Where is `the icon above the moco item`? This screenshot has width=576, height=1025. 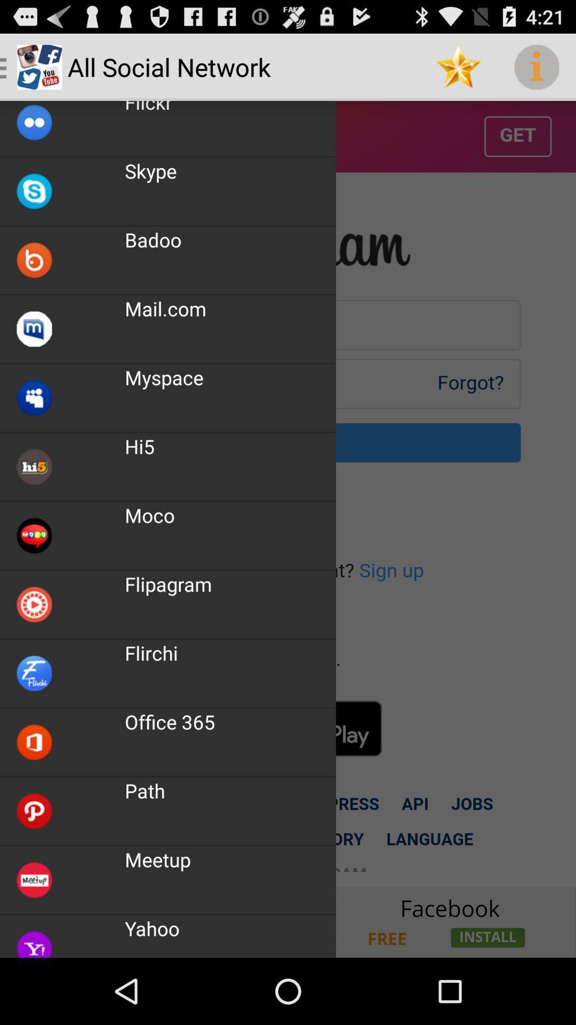 the icon above the moco item is located at coordinates (139, 446).